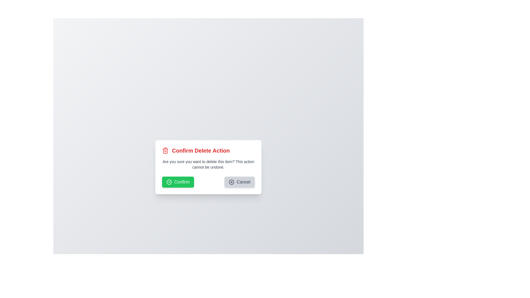 The image size is (530, 298). I want to click on the red trash bin icon located to the left of the text 'Confirm Delete Action' in the popup dialog, so click(165, 151).